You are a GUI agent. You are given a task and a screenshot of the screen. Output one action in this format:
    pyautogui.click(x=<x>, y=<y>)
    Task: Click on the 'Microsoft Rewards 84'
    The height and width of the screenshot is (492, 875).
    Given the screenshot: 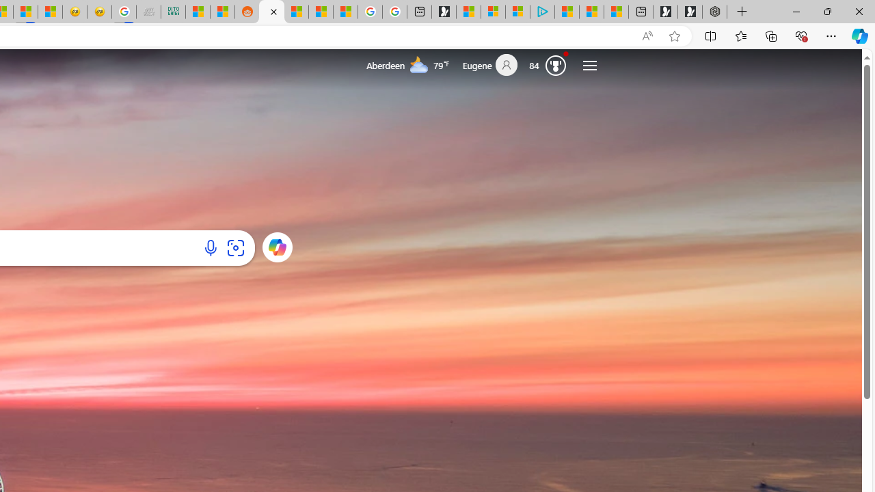 What is the action you would take?
    pyautogui.click(x=550, y=65)
    